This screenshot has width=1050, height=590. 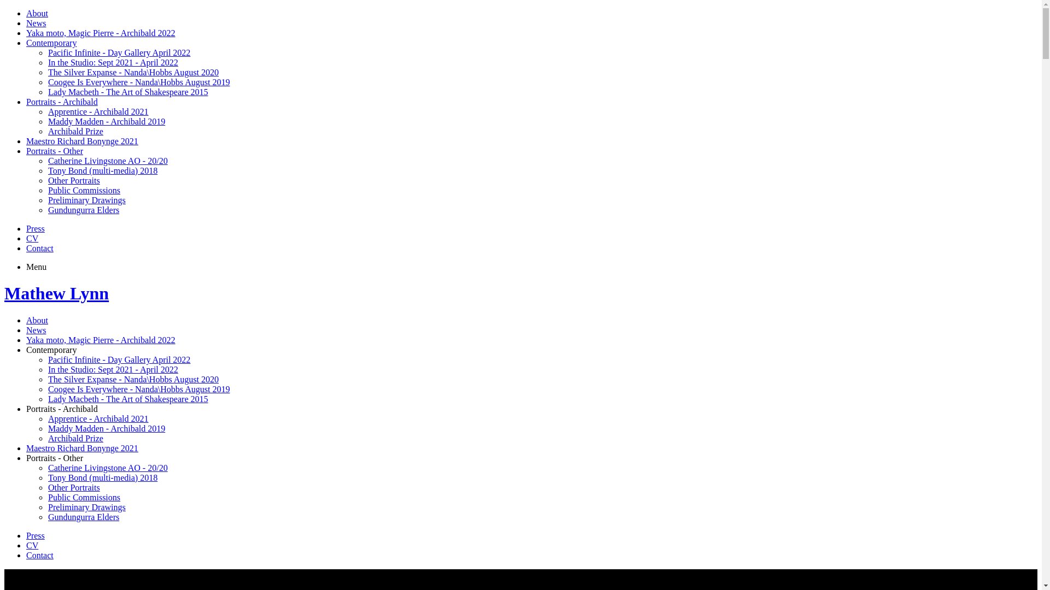 What do you see at coordinates (61, 102) in the screenshot?
I see `'Portraits - Archibald'` at bounding box center [61, 102].